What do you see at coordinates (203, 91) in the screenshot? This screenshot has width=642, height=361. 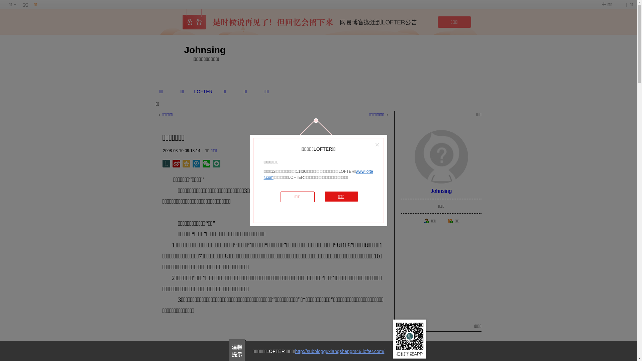 I see `'LOFTER'` at bounding box center [203, 91].